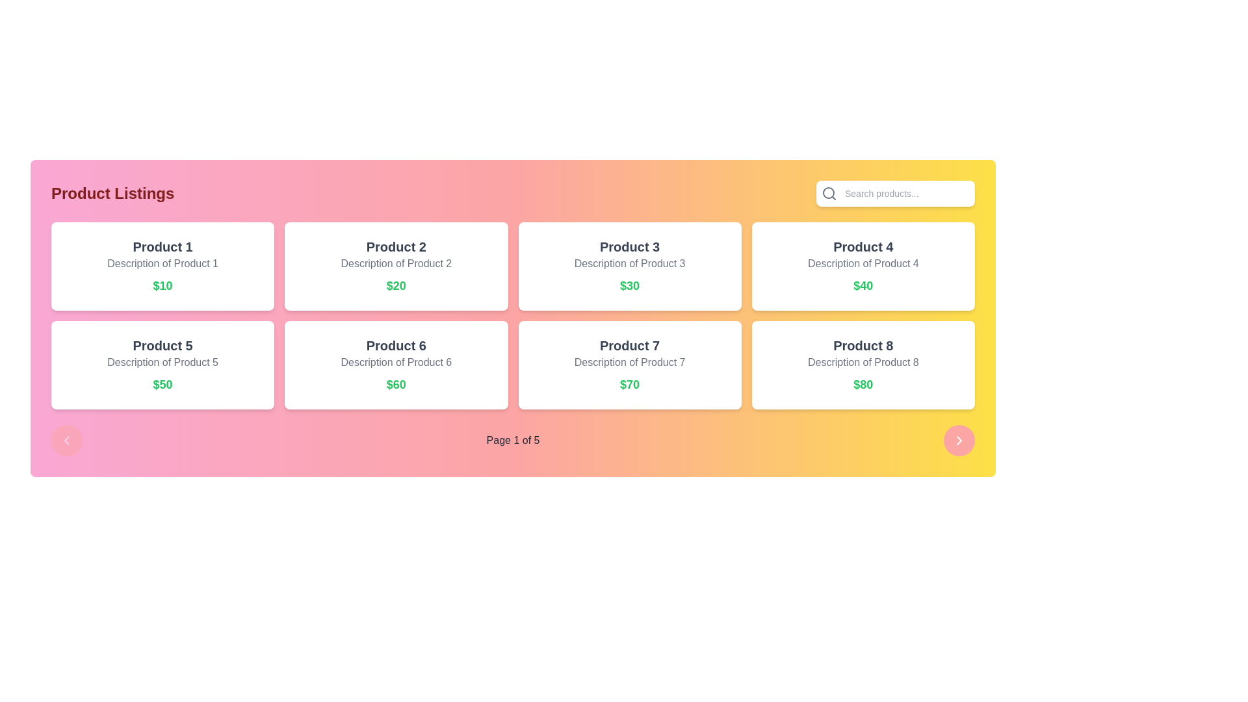 This screenshot has height=702, width=1248. I want to click on the right-facing chevron icon within the pagination navigation controls, so click(959, 440).